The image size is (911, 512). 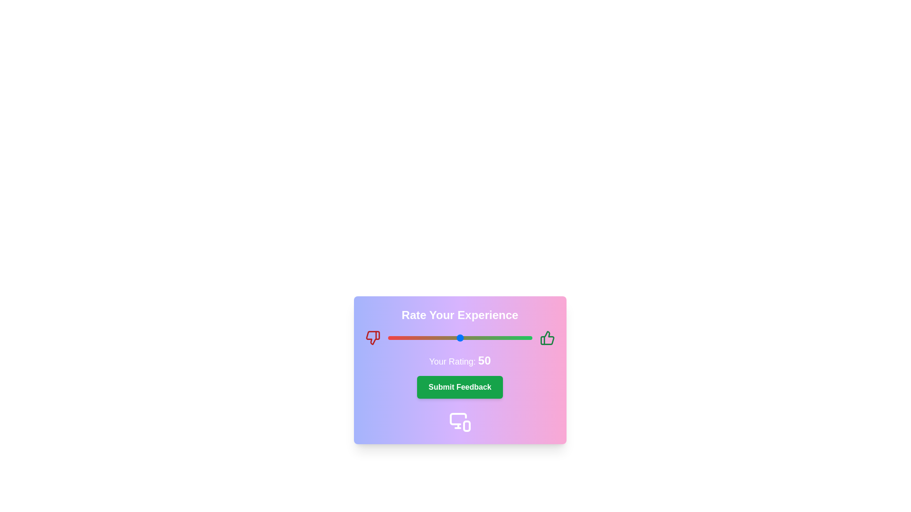 I want to click on the slider to a specific rating value, 46, so click(x=454, y=338).